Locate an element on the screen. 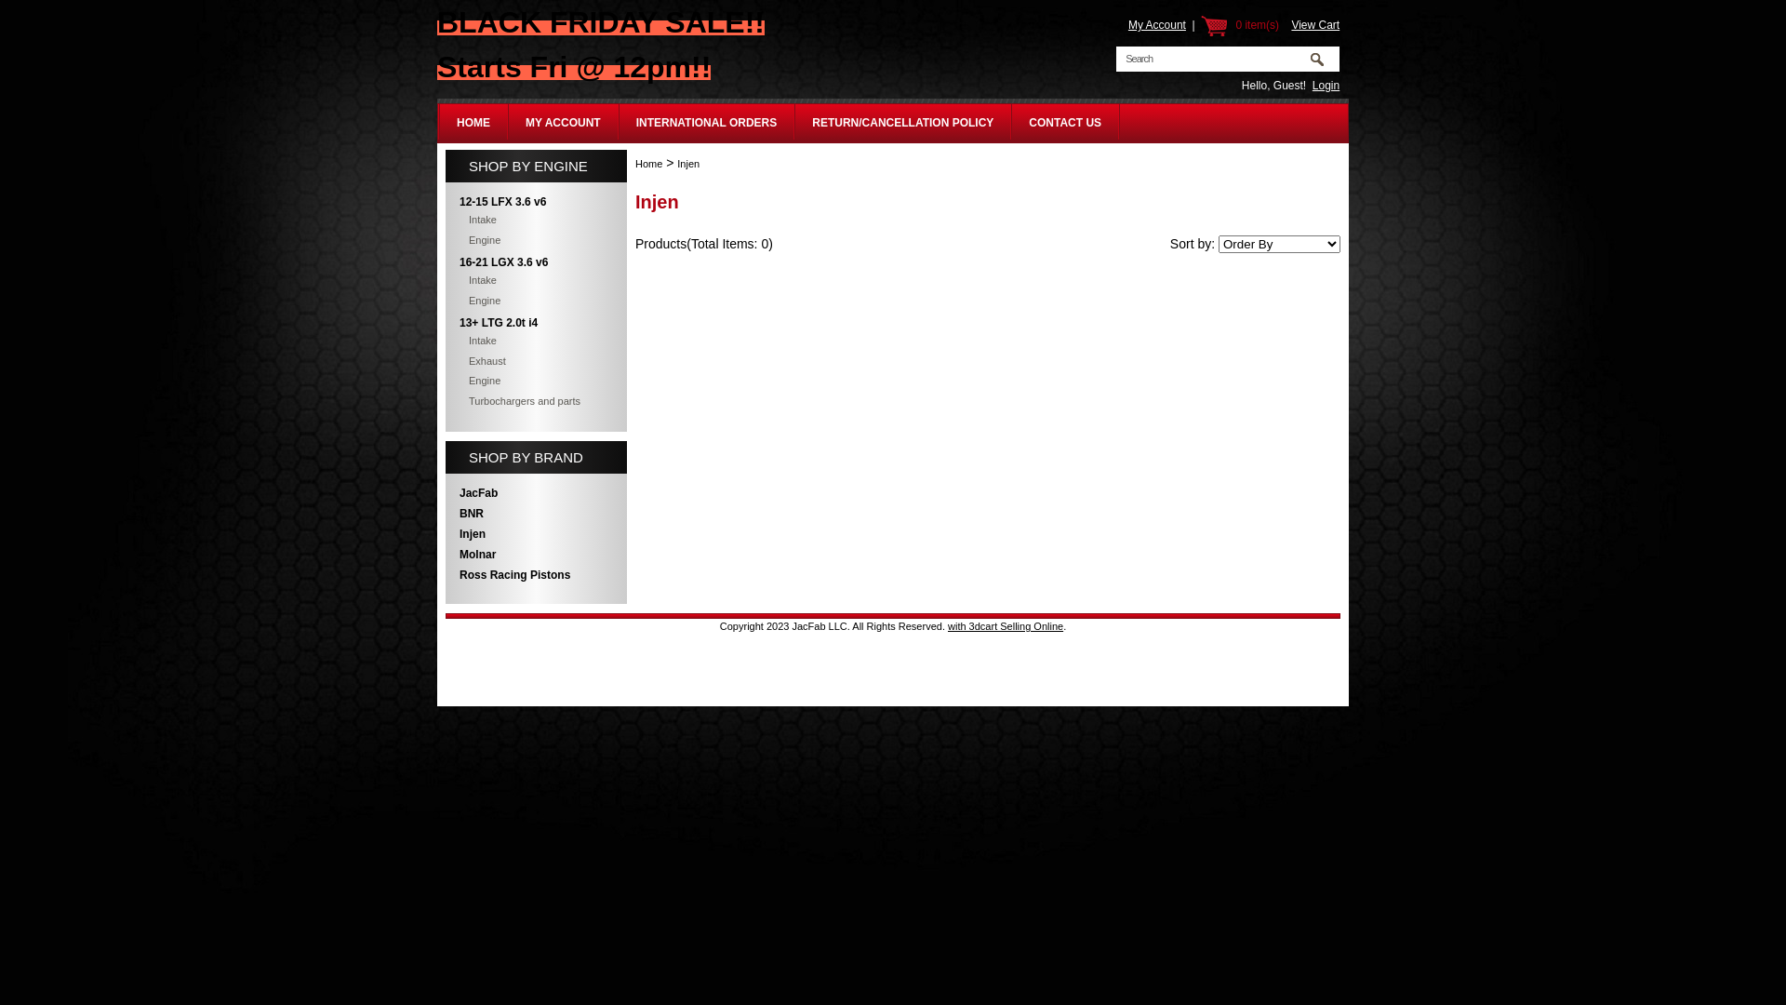  'HOME' is located at coordinates (473, 122).